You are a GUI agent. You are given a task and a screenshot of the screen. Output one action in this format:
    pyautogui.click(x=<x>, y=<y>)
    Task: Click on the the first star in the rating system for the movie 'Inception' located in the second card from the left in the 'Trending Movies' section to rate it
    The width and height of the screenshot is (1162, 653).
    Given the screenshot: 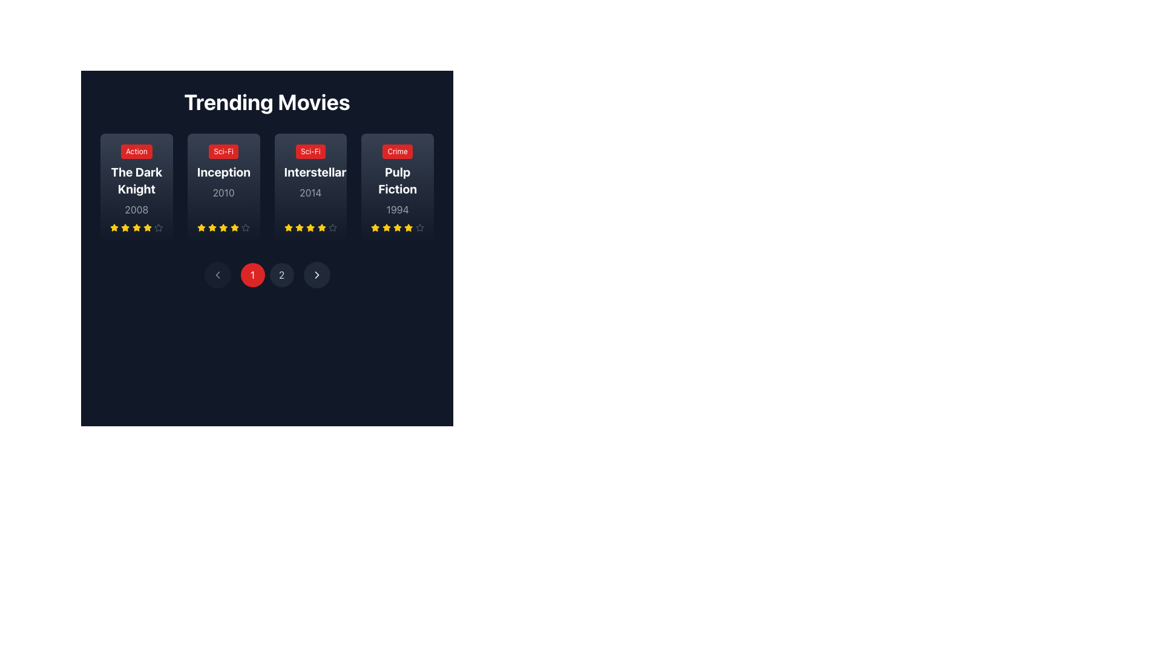 What is the action you would take?
    pyautogui.click(x=201, y=227)
    